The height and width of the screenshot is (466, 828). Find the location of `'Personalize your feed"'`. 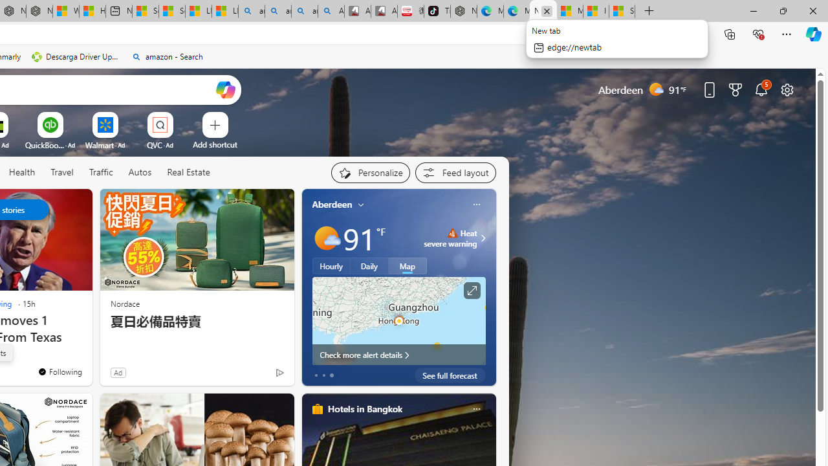

'Personalize your feed"' is located at coordinates (369, 172).